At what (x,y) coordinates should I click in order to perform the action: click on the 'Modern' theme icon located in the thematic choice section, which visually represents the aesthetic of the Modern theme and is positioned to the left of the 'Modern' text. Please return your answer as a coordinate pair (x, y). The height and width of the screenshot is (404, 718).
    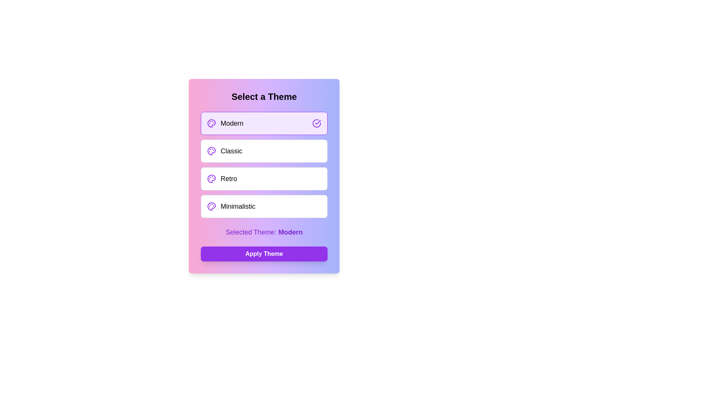
    Looking at the image, I should click on (211, 123).